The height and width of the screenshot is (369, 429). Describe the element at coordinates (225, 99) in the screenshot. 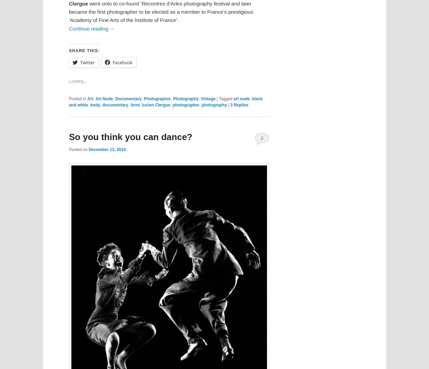

I see `'Tagged'` at that location.